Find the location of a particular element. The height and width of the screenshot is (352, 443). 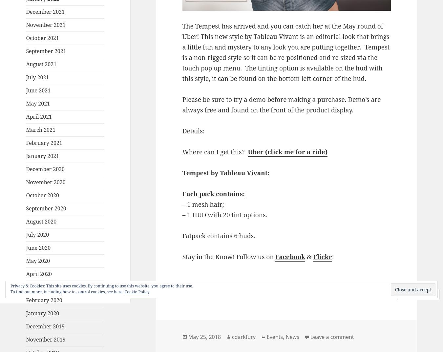

'!' is located at coordinates (331, 256).